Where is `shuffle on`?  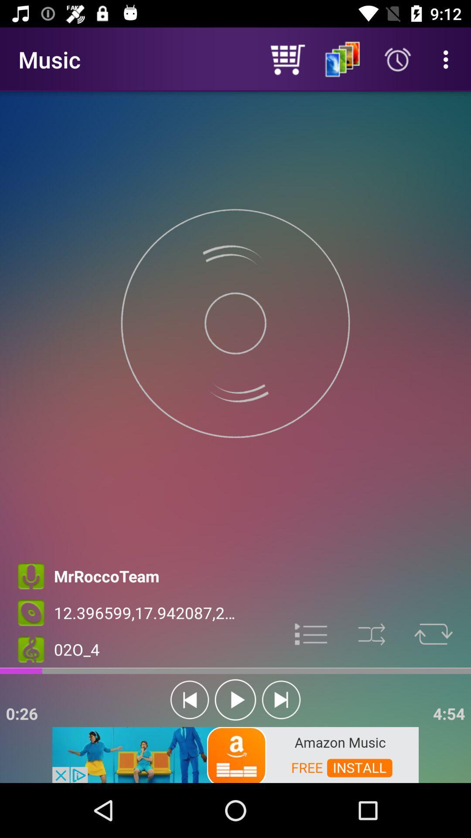
shuffle on is located at coordinates (372, 634).